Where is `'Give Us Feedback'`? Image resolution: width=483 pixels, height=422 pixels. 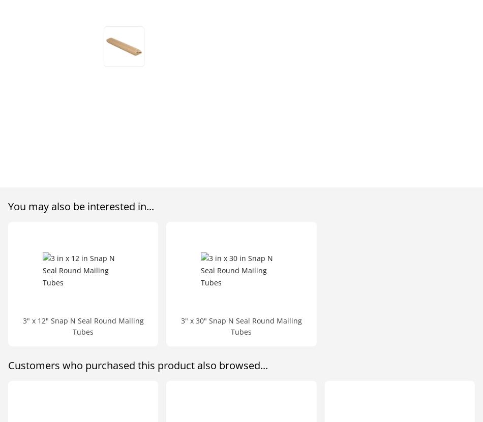 'Give Us Feedback' is located at coordinates (223, 111).